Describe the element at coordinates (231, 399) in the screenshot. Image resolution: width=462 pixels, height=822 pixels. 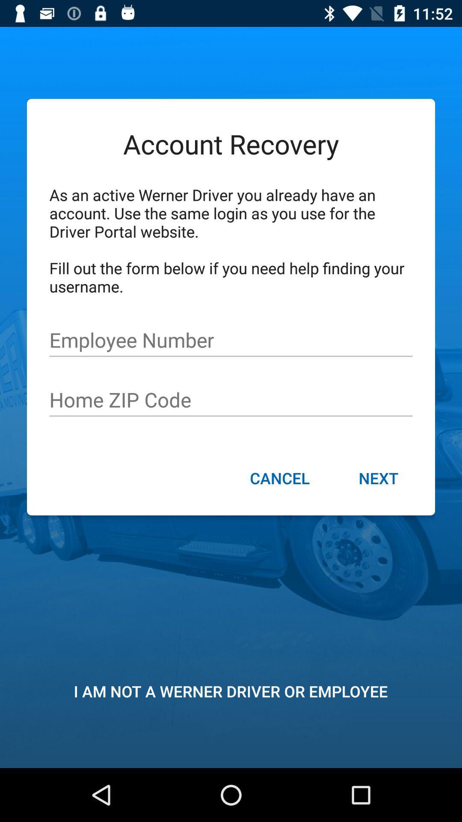
I see `the item above the cancel item` at that location.